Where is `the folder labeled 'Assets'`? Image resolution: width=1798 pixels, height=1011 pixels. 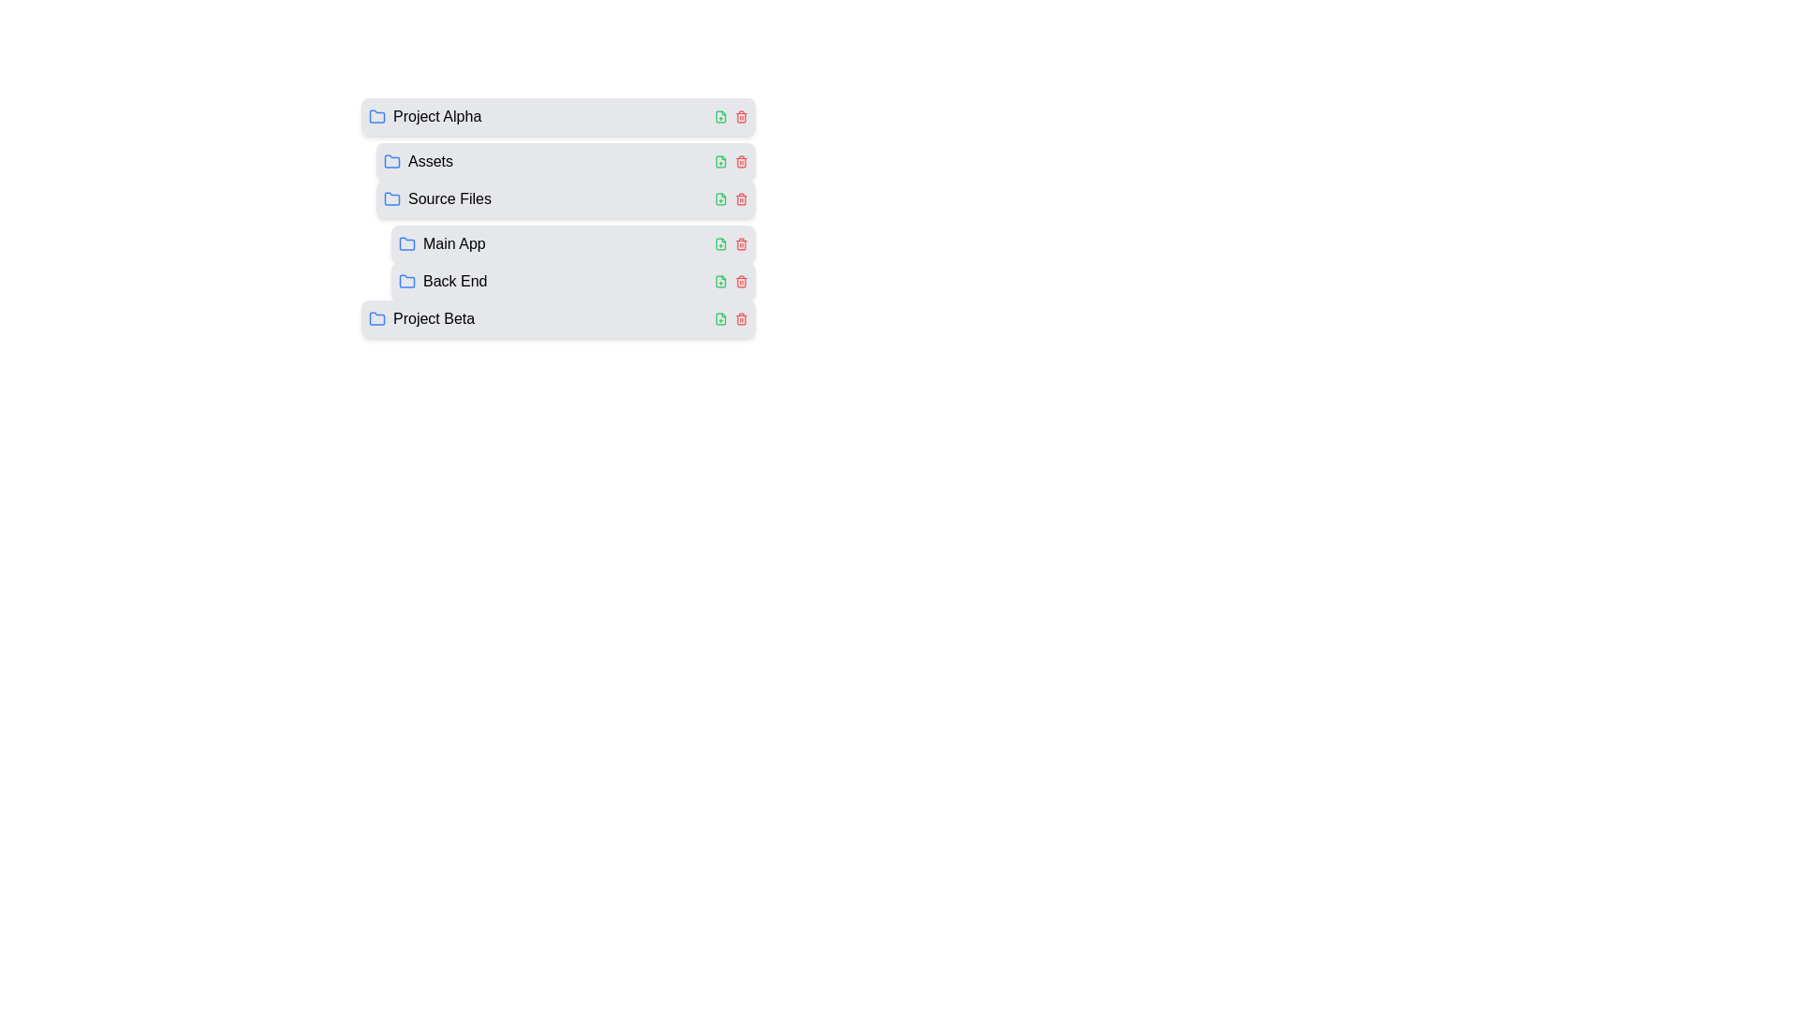
the folder labeled 'Assets' is located at coordinates (417, 161).